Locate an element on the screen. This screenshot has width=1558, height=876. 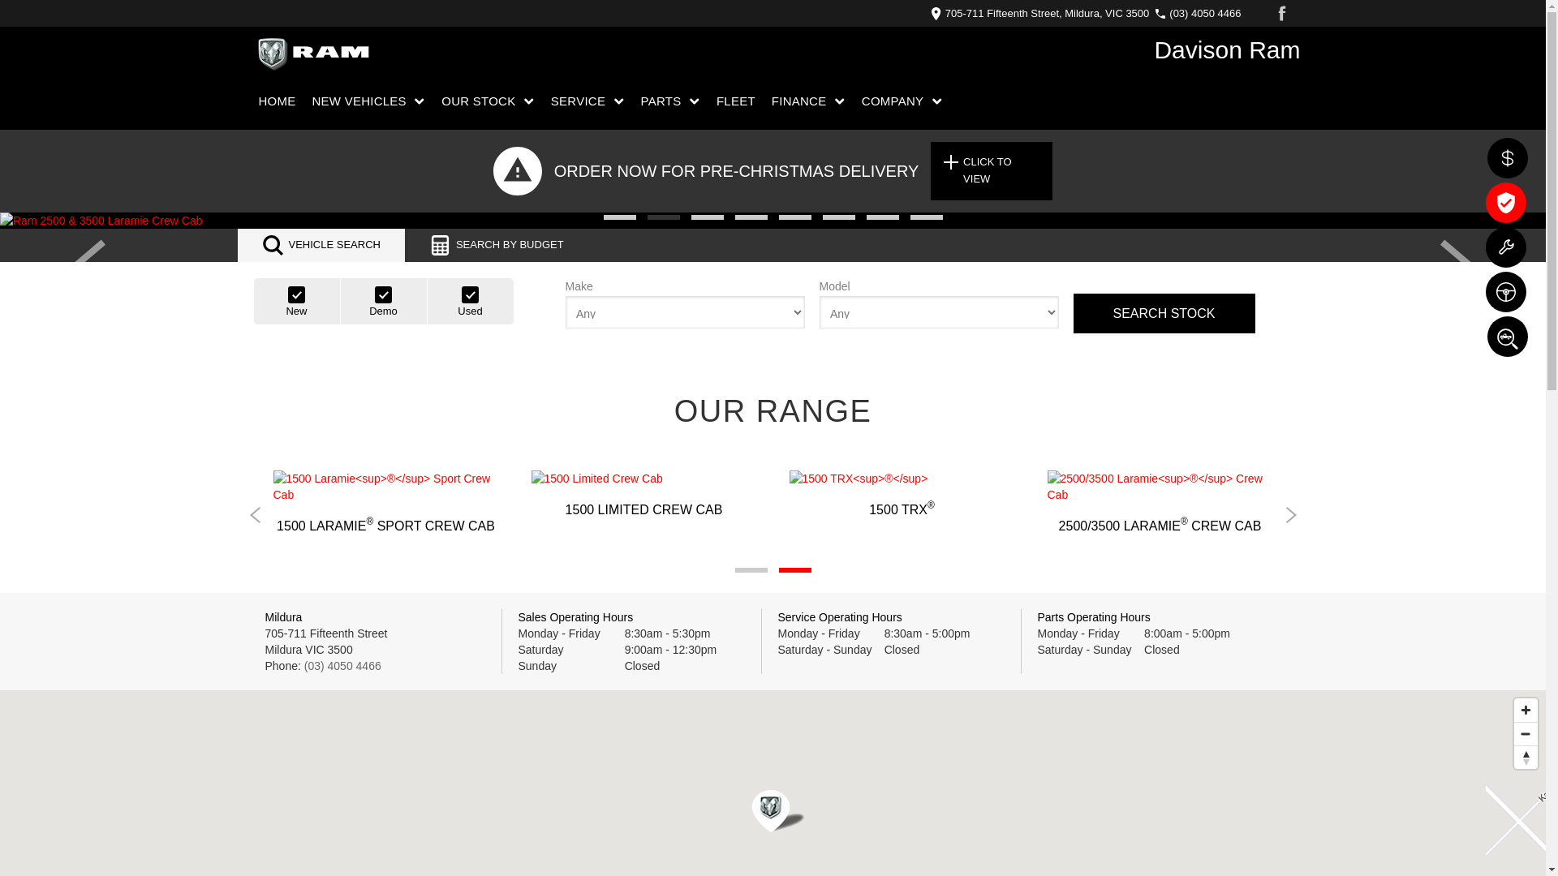
'SERVICE' is located at coordinates (587, 101).